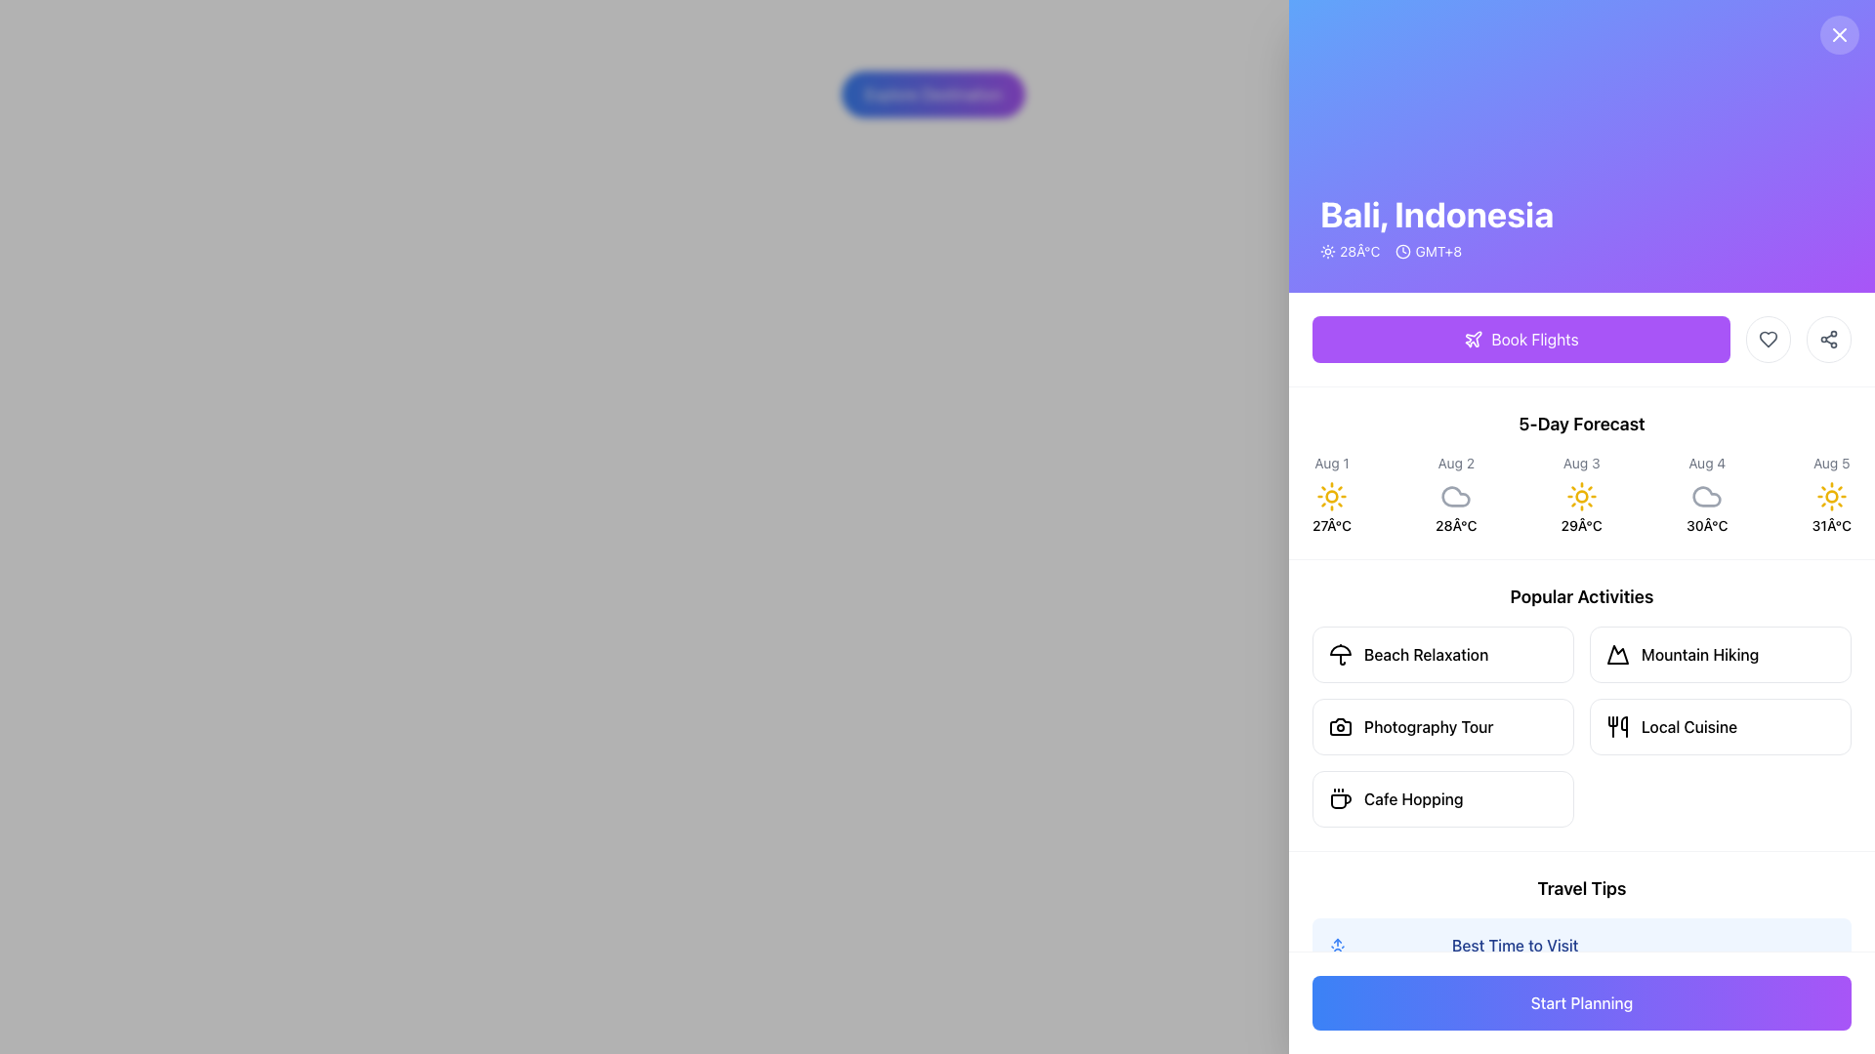  Describe the element at coordinates (1425, 655) in the screenshot. I see `the text label displaying 'Beach Relaxation' in the first card of the 'Popular Activities' section` at that location.